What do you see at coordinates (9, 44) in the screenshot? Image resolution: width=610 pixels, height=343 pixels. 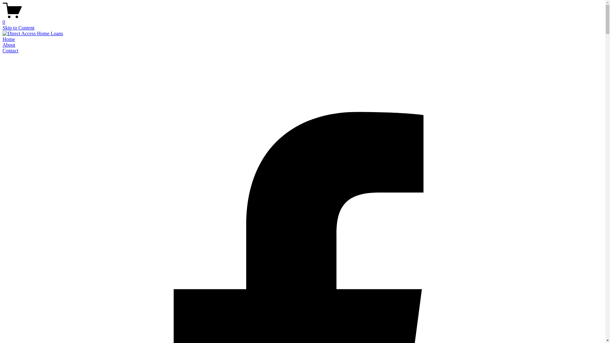 I see `'About'` at bounding box center [9, 44].